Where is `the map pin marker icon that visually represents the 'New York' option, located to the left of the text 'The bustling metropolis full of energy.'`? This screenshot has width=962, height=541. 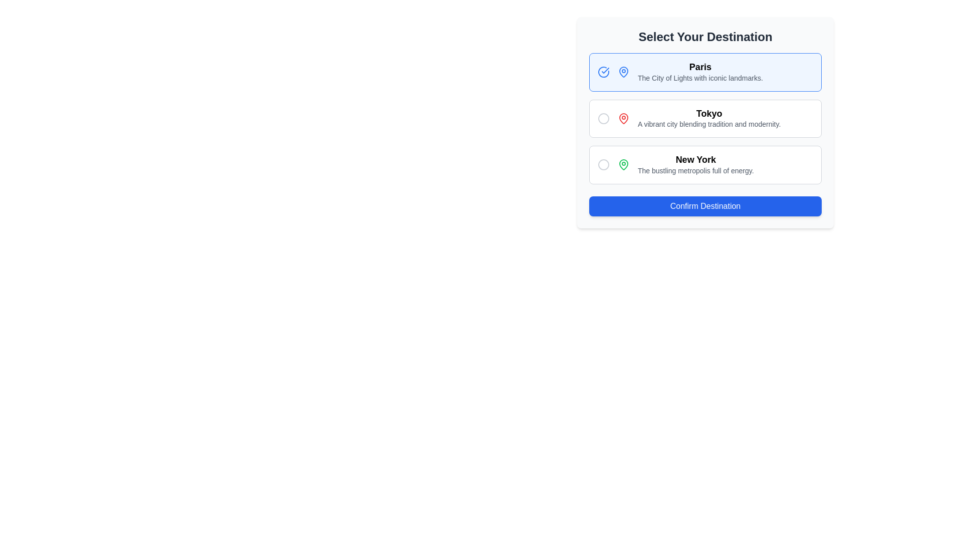 the map pin marker icon that visually represents the 'New York' option, located to the left of the text 'The bustling metropolis full of energy.' is located at coordinates (623, 164).